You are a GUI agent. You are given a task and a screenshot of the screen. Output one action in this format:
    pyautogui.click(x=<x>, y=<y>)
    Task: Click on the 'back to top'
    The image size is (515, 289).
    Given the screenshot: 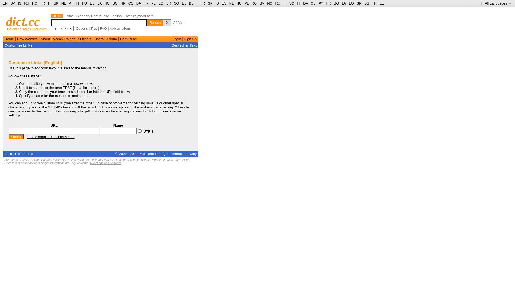 What is the action you would take?
    pyautogui.click(x=5, y=153)
    